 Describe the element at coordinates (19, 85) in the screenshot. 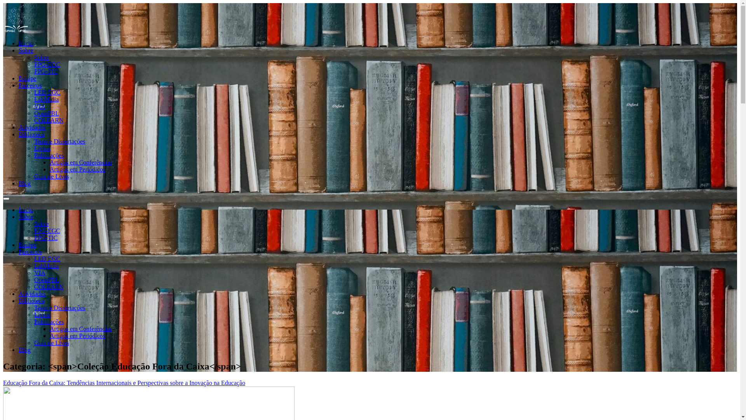

I see `'Parceiros'` at that location.